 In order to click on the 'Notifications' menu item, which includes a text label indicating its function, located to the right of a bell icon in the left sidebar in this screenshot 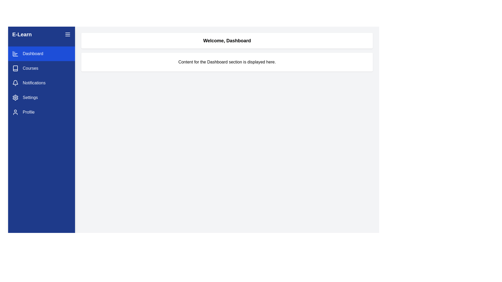, I will do `click(34, 83)`.